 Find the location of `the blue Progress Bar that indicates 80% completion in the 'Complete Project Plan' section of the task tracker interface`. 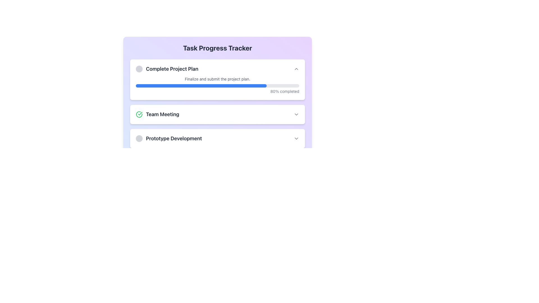

the blue Progress Bar that indicates 80% completion in the 'Complete Project Plan' section of the task tracker interface is located at coordinates (201, 86).